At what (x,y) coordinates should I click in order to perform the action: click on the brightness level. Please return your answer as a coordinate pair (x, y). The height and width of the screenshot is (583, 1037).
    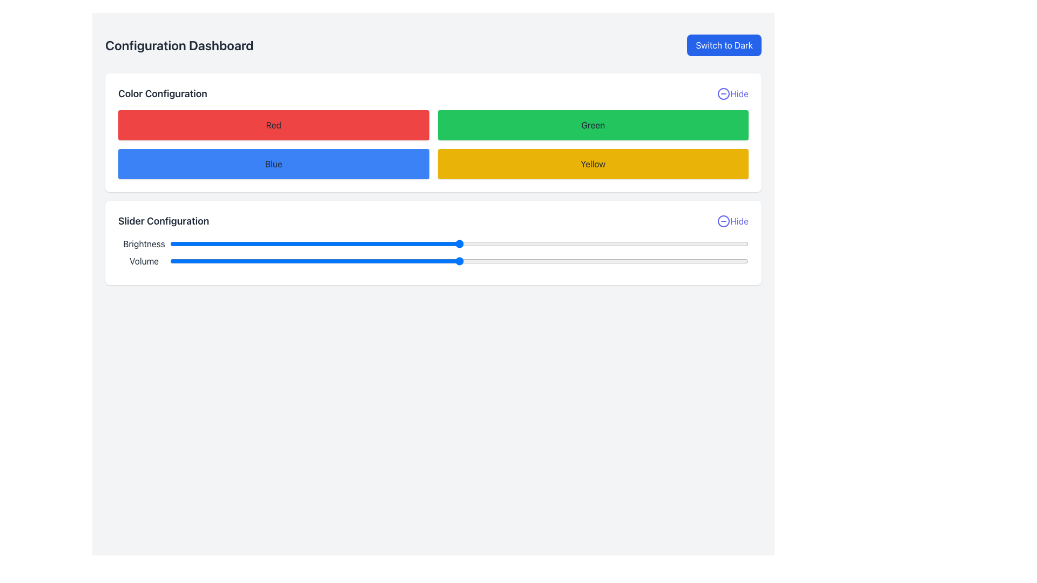
    Looking at the image, I should click on (597, 243).